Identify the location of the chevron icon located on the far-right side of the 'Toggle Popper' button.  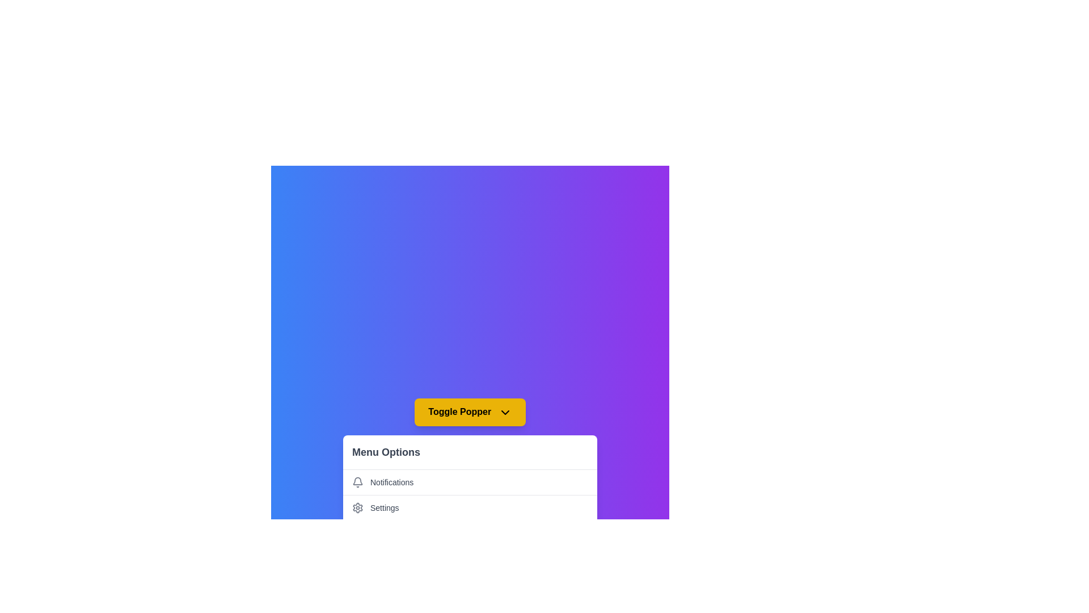
(504, 412).